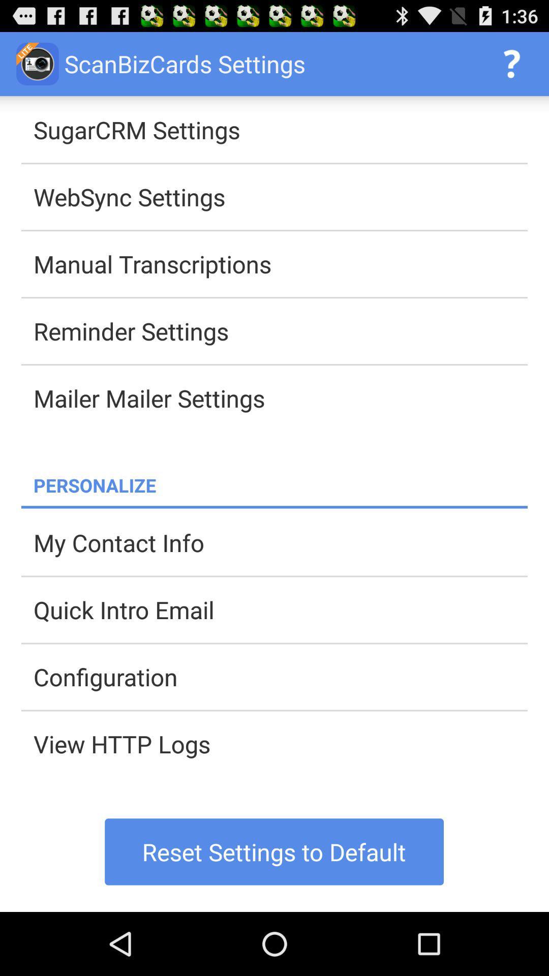  I want to click on the app above the websync settings item, so click(280, 129).